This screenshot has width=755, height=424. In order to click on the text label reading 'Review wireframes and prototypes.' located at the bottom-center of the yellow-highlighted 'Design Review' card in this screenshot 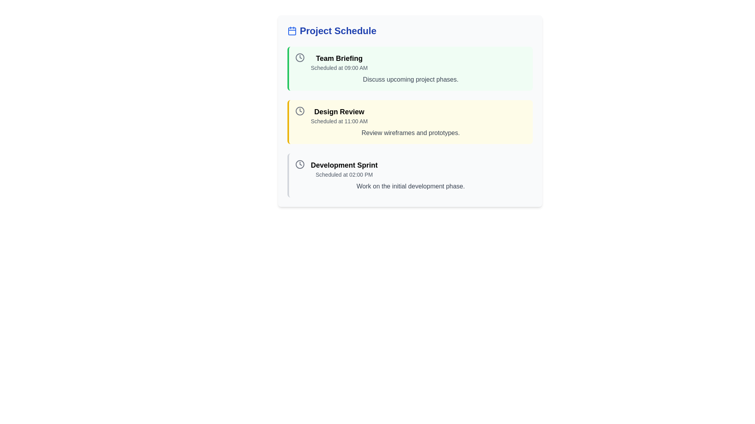, I will do `click(410, 133)`.